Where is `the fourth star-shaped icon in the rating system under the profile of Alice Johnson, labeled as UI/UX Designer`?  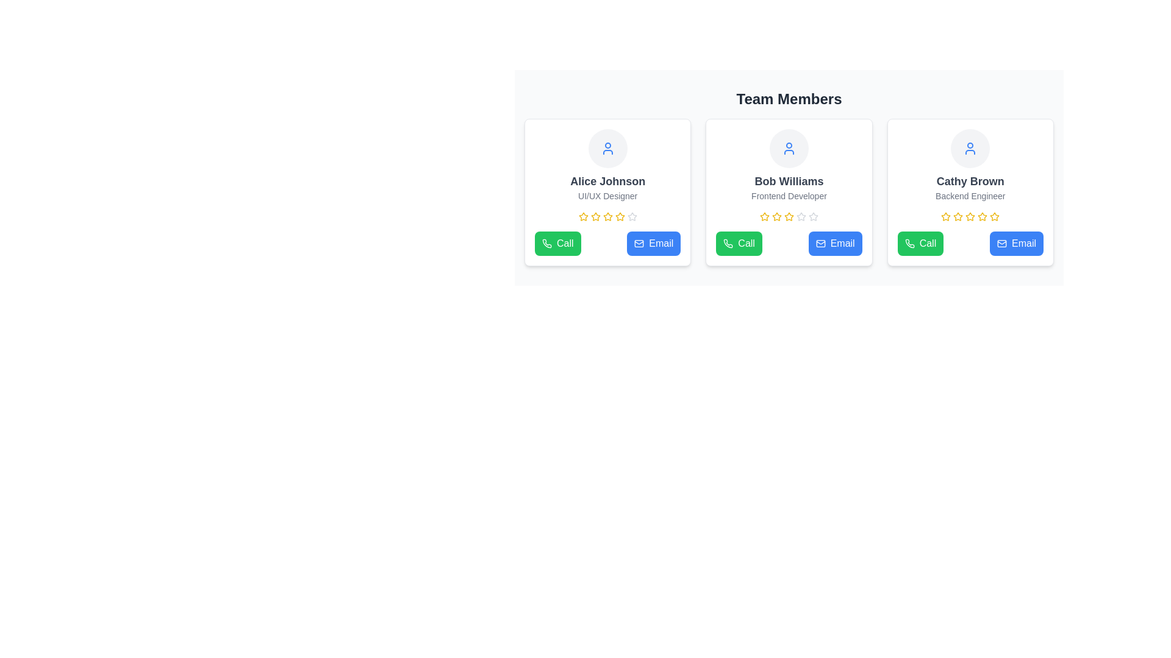
the fourth star-shaped icon in the rating system under the profile of Alice Johnson, labeled as UI/UX Designer is located at coordinates (607, 216).